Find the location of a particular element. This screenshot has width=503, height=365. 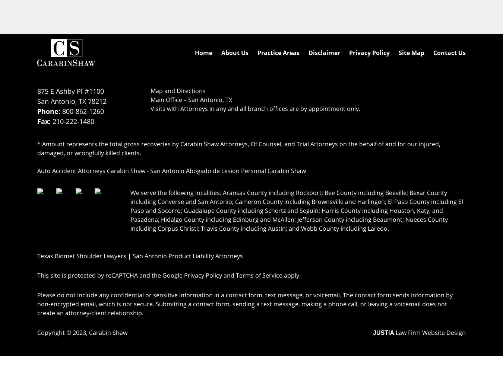

'Cameron County including Brownsville and Harlingen; El Paso County including El Paso and Socorro; Guadalupe County including Schertz and Seguin; Harris County including Houston, Katy, and Pasadena; Hidalgo County including Edinburg and McAllen; Jefferson County including Beaumont; Nueces County including Corpus Christi; Travis County including Austin; and Webb County including Laredo.' is located at coordinates (297, 215).